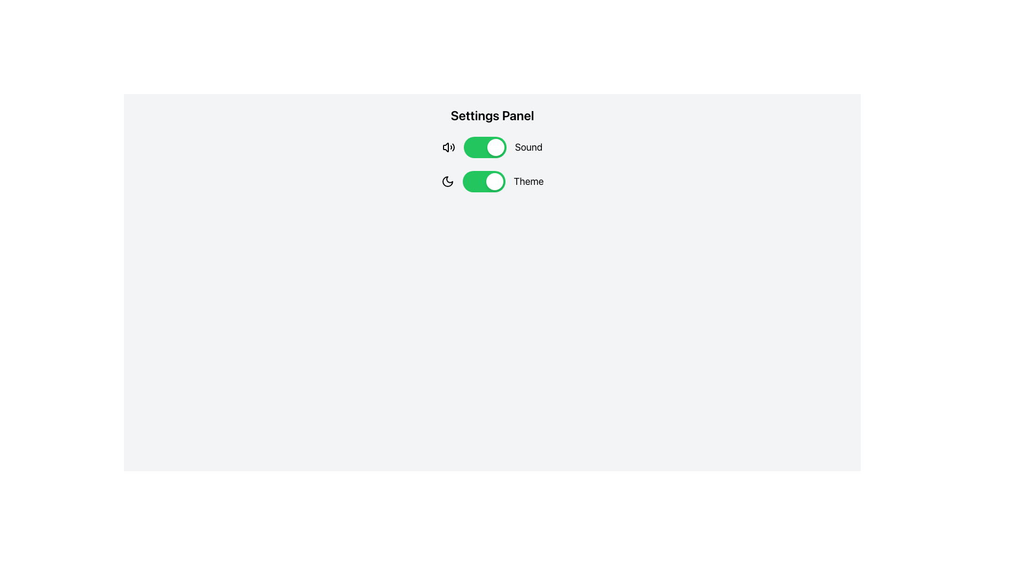 The height and width of the screenshot is (577, 1026). Describe the element at coordinates (446, 147) in the screenshot. I see `the associated sound toggle by interacting with the speaker-shaped icon located at the top left of the sound toggle switch` at that location.